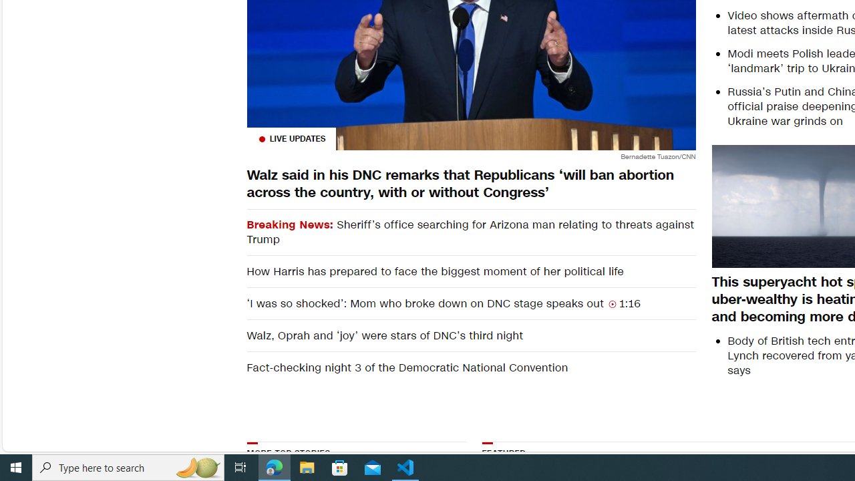 This screenshot has width=855, height=481. Describe the element at coordinates (16, 466) in the screenshot. I see `'Start'` at that location.